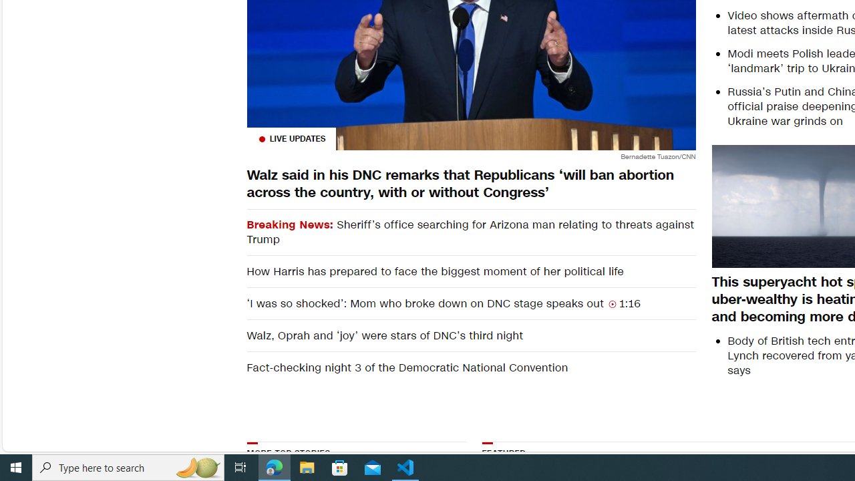 This screenshot has width=855, height=481. Describe the element at coordinates (16, 466) in the screenshot. I see `'Start'` at that location.